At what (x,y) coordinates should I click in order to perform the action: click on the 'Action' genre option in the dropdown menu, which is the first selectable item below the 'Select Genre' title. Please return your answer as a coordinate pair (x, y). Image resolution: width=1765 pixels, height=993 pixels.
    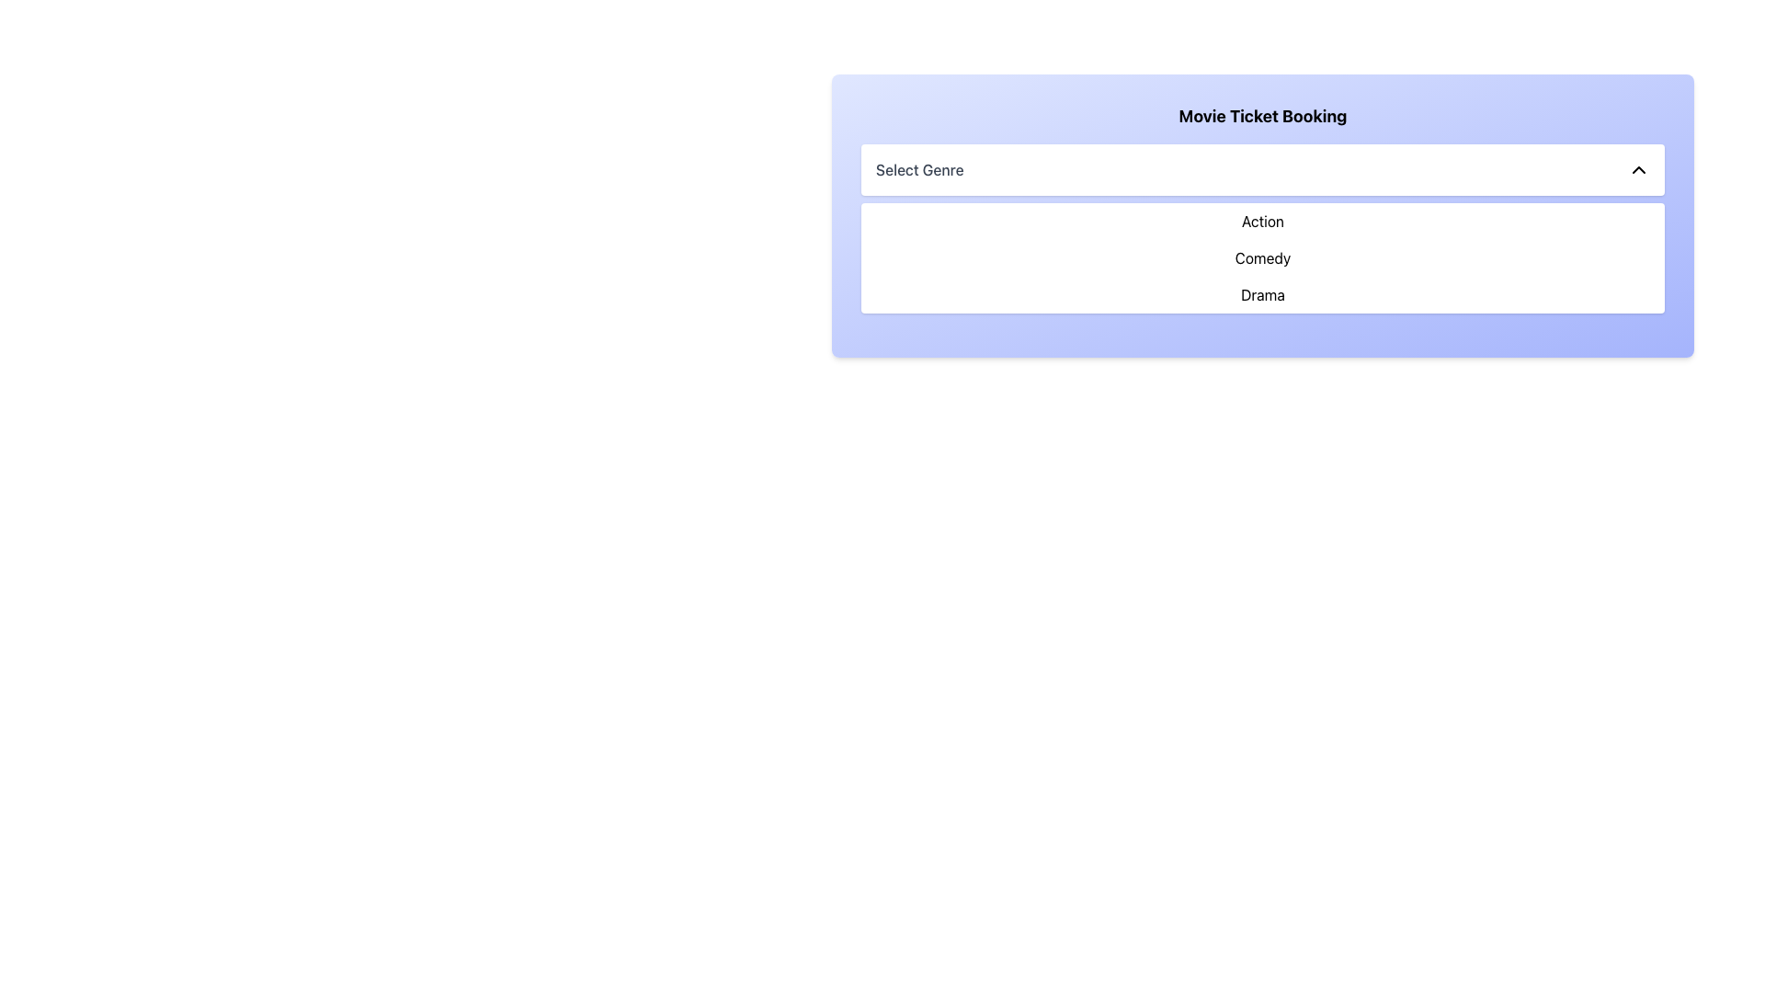
    Looking at the image, I should click on (1261, 228).